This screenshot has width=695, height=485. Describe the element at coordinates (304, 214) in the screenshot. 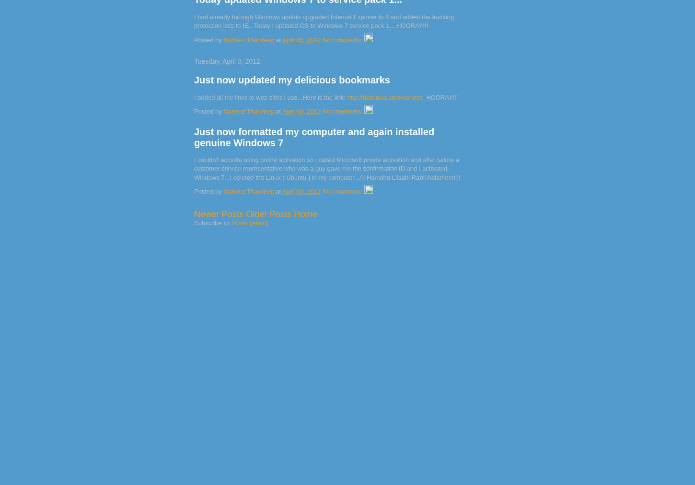

I see `'Home'` at that location.